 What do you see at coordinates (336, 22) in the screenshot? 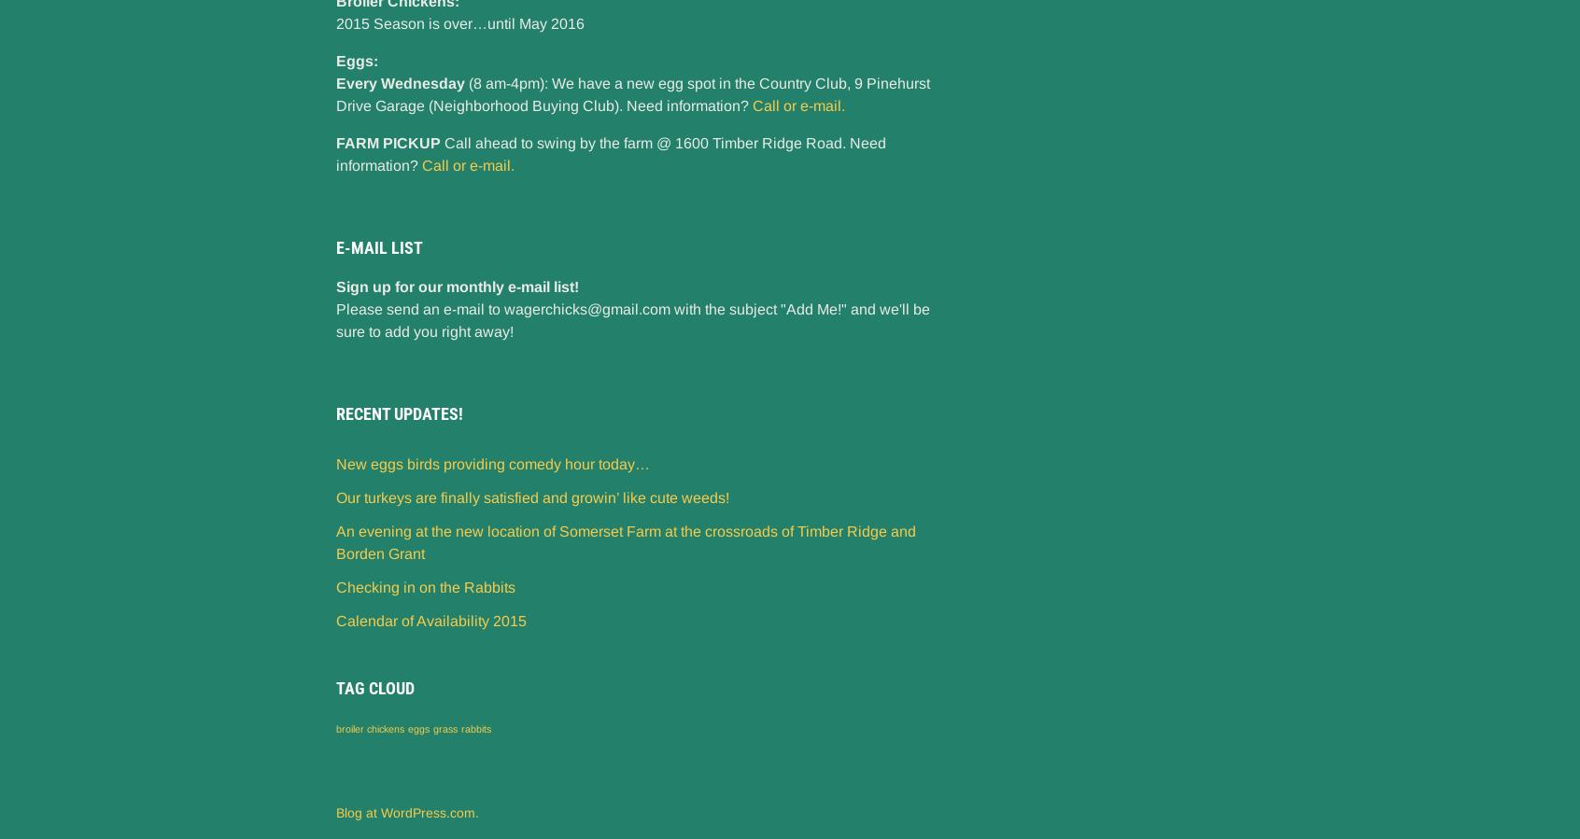
I see `'2015 Season is over…until May 2016'` at bounding box center [336, 22].